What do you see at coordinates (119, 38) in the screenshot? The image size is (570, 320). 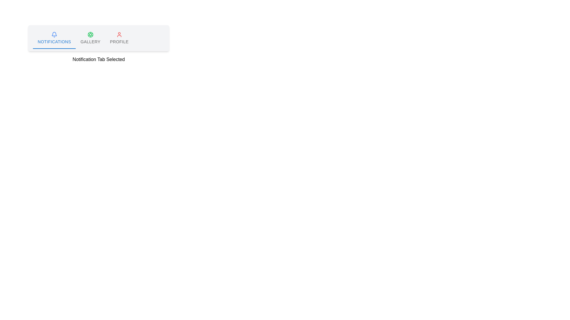 I see `the 'Profile' tab button, which is the last tab in the horizontal tab bar with a user icon above the text` at bounding box center [119, 38].